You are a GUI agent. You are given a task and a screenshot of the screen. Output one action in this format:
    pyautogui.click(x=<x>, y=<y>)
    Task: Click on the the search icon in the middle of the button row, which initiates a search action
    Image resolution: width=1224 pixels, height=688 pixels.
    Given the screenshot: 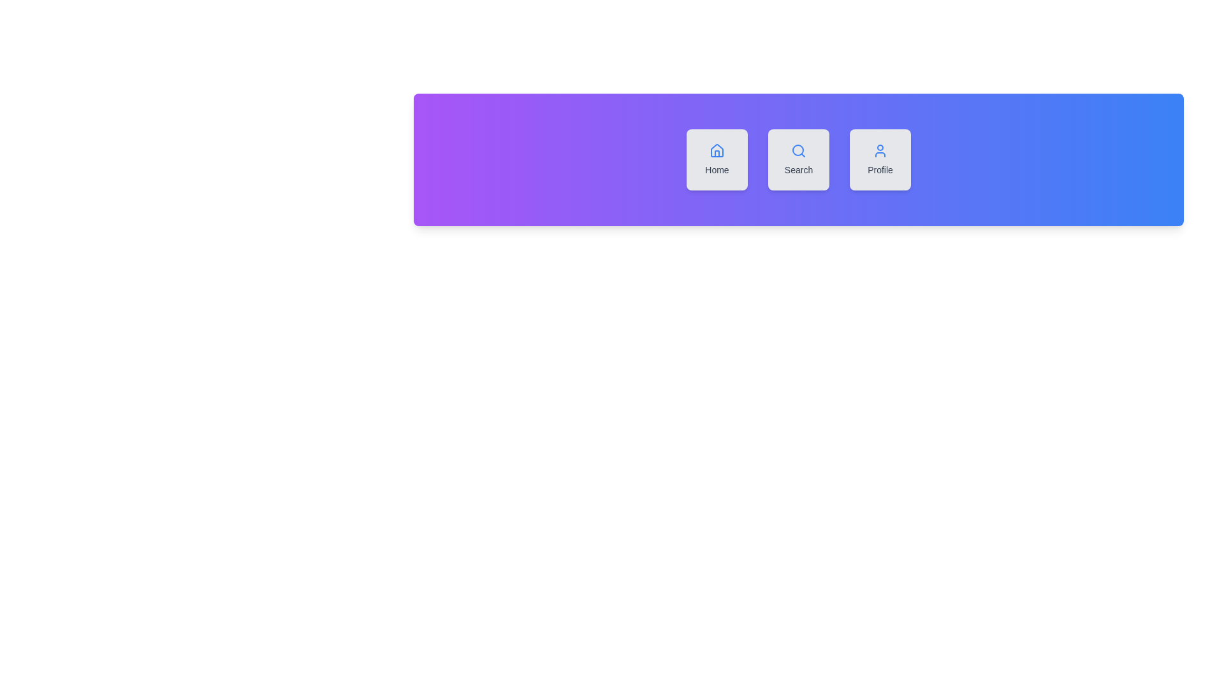 What is the action you would take?
    pyautogui.click(x=798, y=150)
    